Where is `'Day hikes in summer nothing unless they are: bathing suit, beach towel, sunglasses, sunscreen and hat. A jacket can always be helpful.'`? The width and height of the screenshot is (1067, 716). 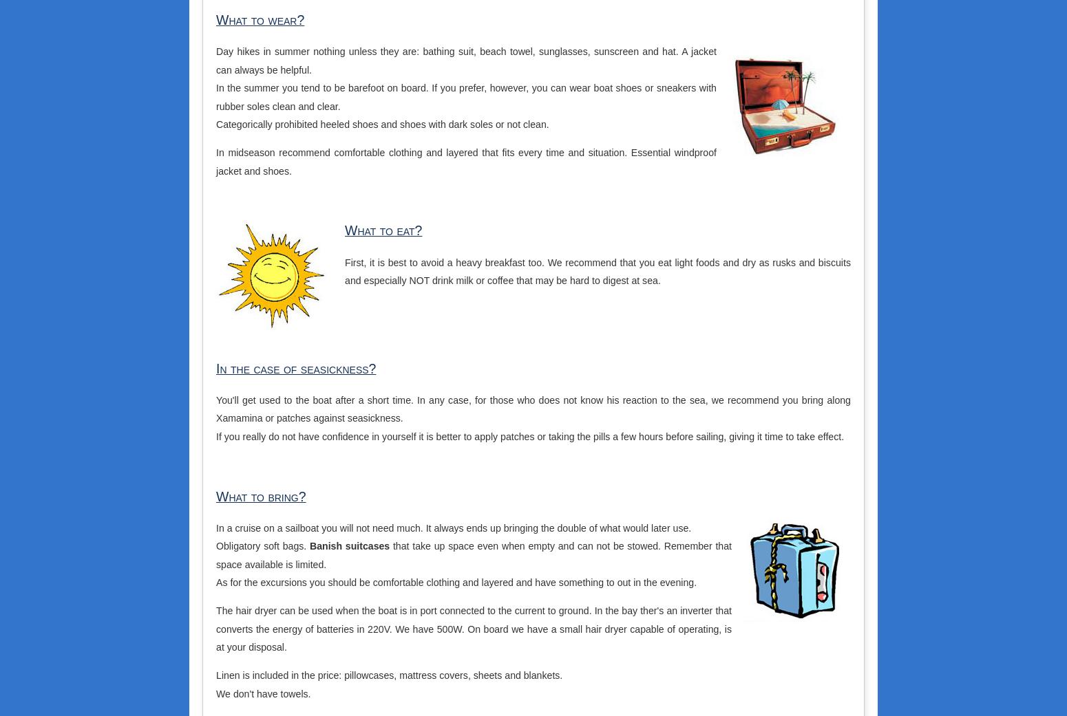 'Day hikes in summer nothing unless they are: bathing suit, beach towel, sunglasses, sunscreen and hat. A jacket can always be helpful.' is located at coordinates (215, 59).